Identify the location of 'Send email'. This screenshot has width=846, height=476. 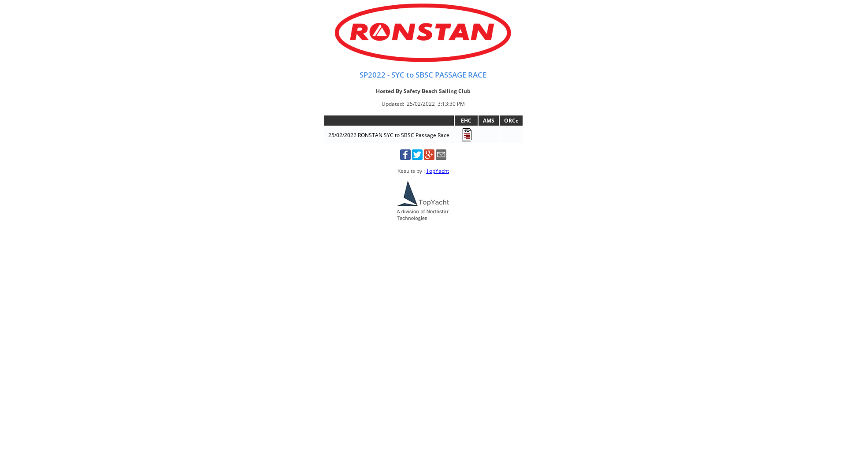
(440, 157).